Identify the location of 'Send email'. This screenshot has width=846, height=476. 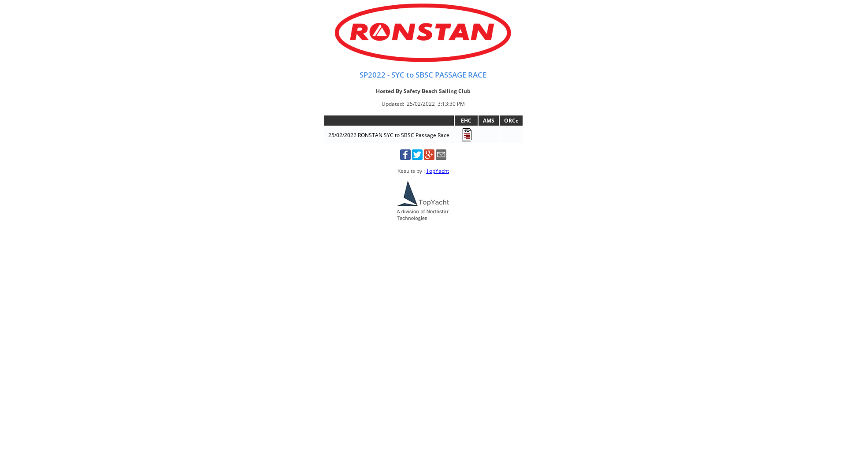
(440, 157).